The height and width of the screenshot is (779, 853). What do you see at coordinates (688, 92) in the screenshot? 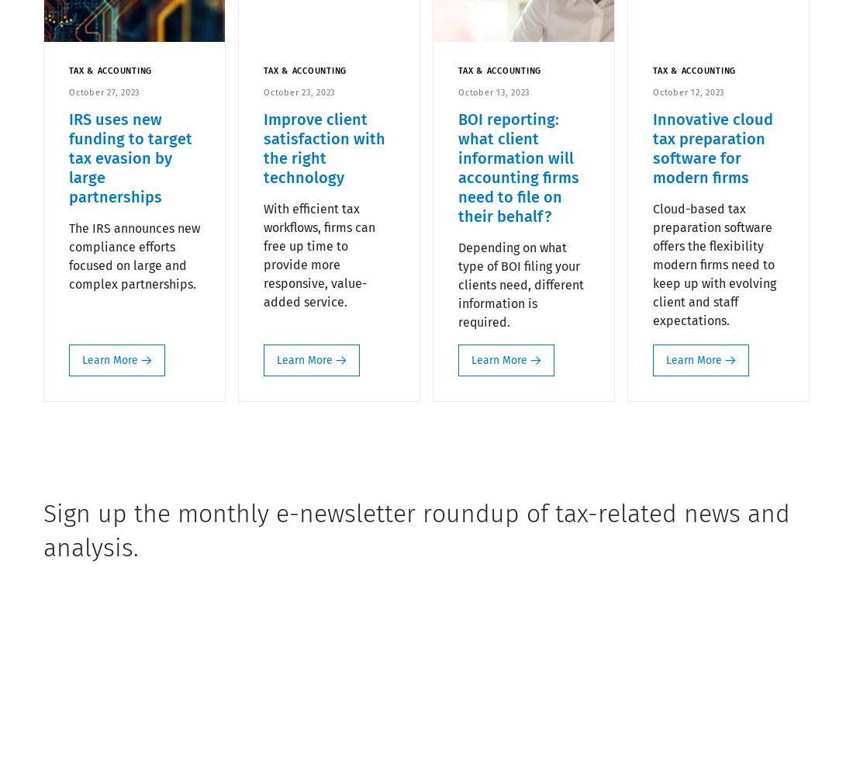
I see `'October 12, 2023'` at bounding box center [688, 92].